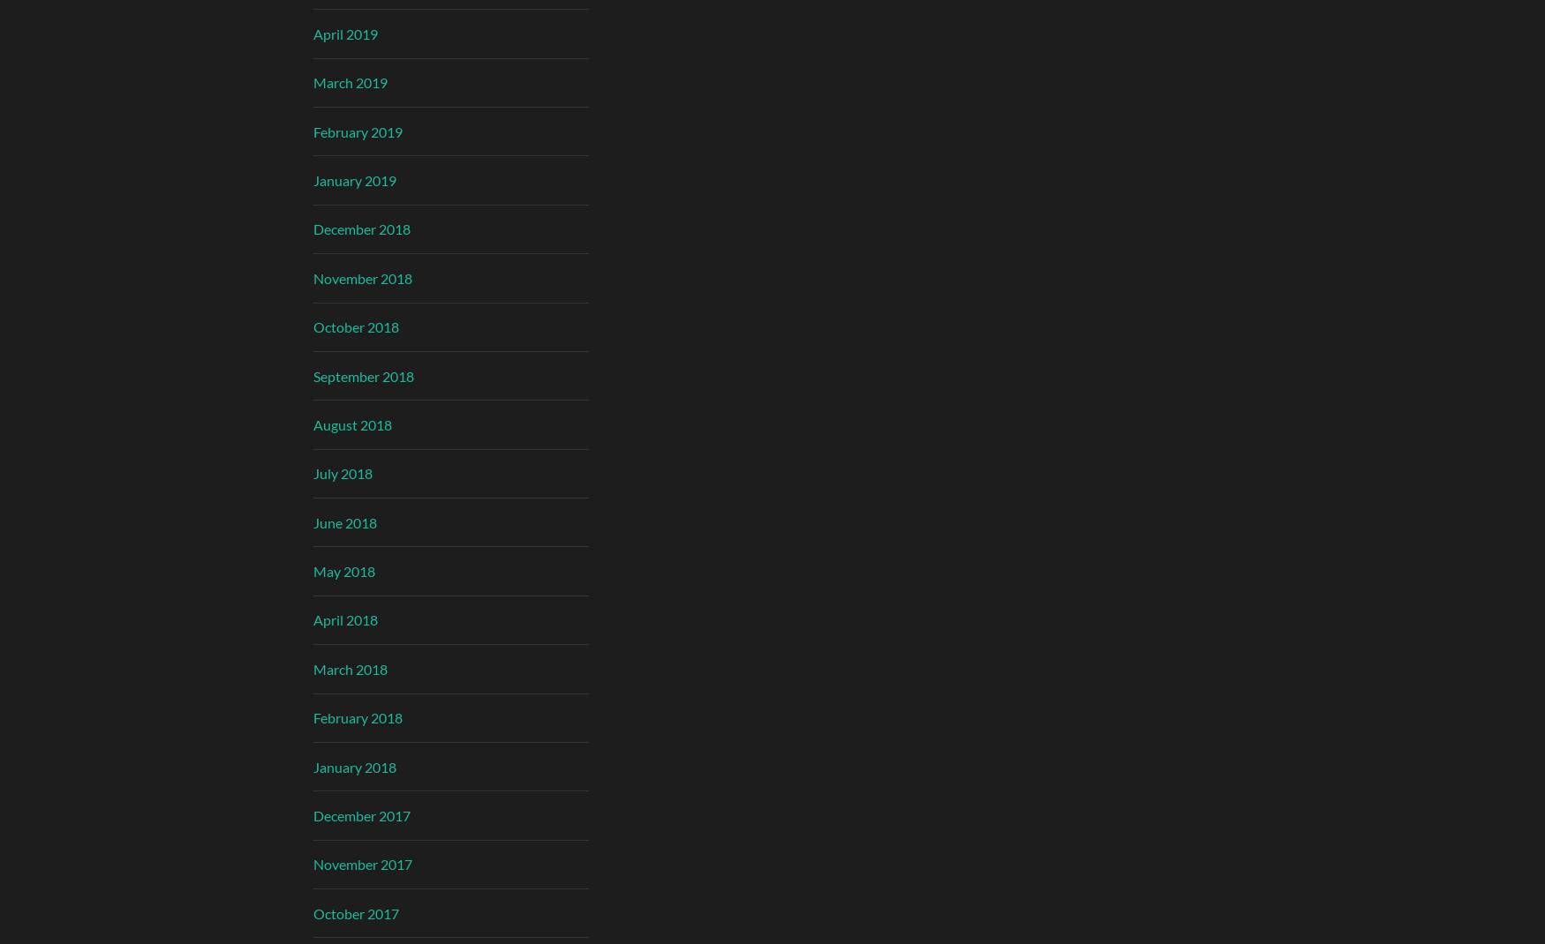  Describe the element at coordinates (344, 32) in the screenshot. I see `'April 2019'` at that location.